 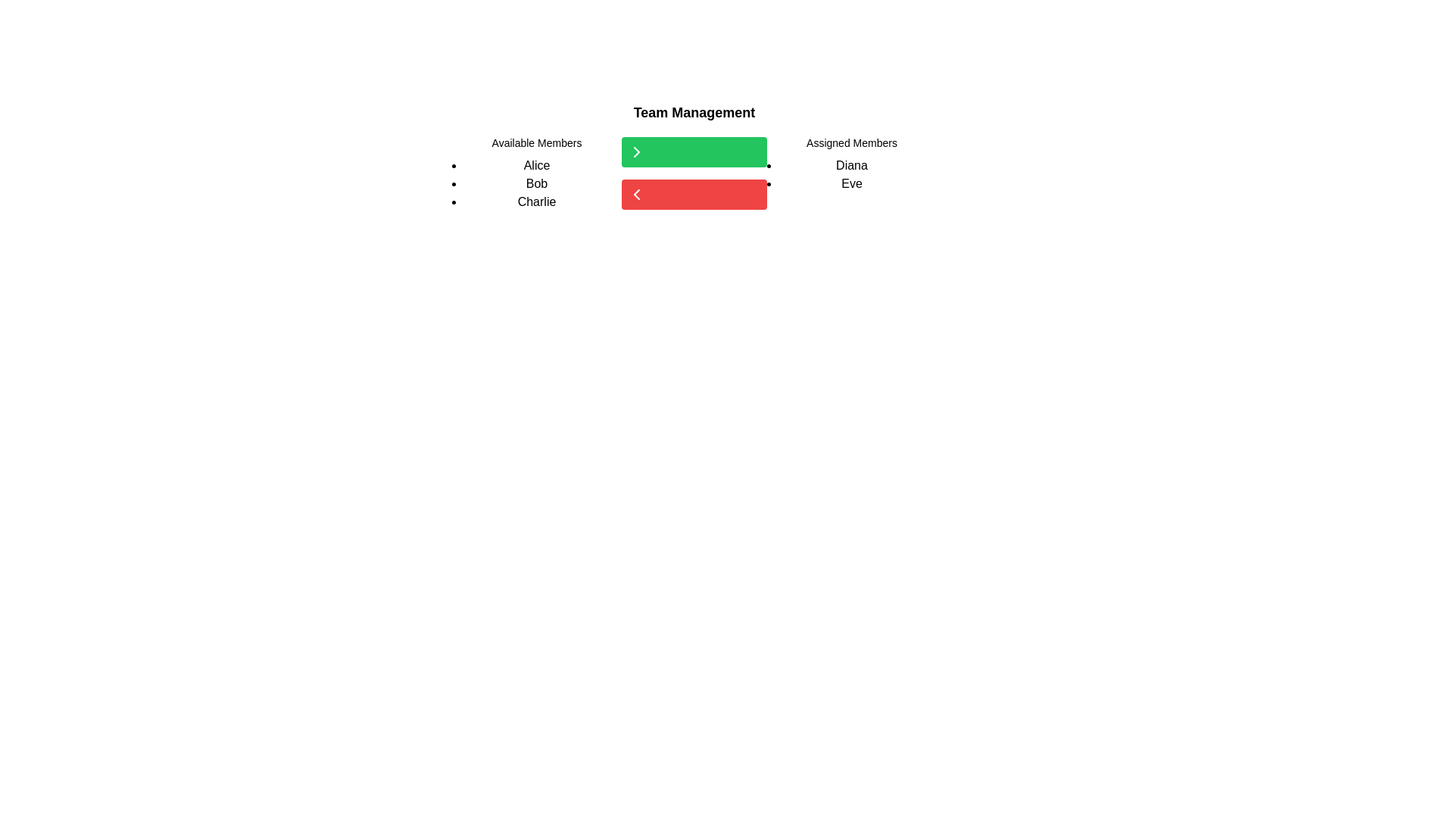 I want to click on the list item containing the identifiers 'Diana' and 'Eve' in the 'Assigned Members' section, so click(x=851, y=174).